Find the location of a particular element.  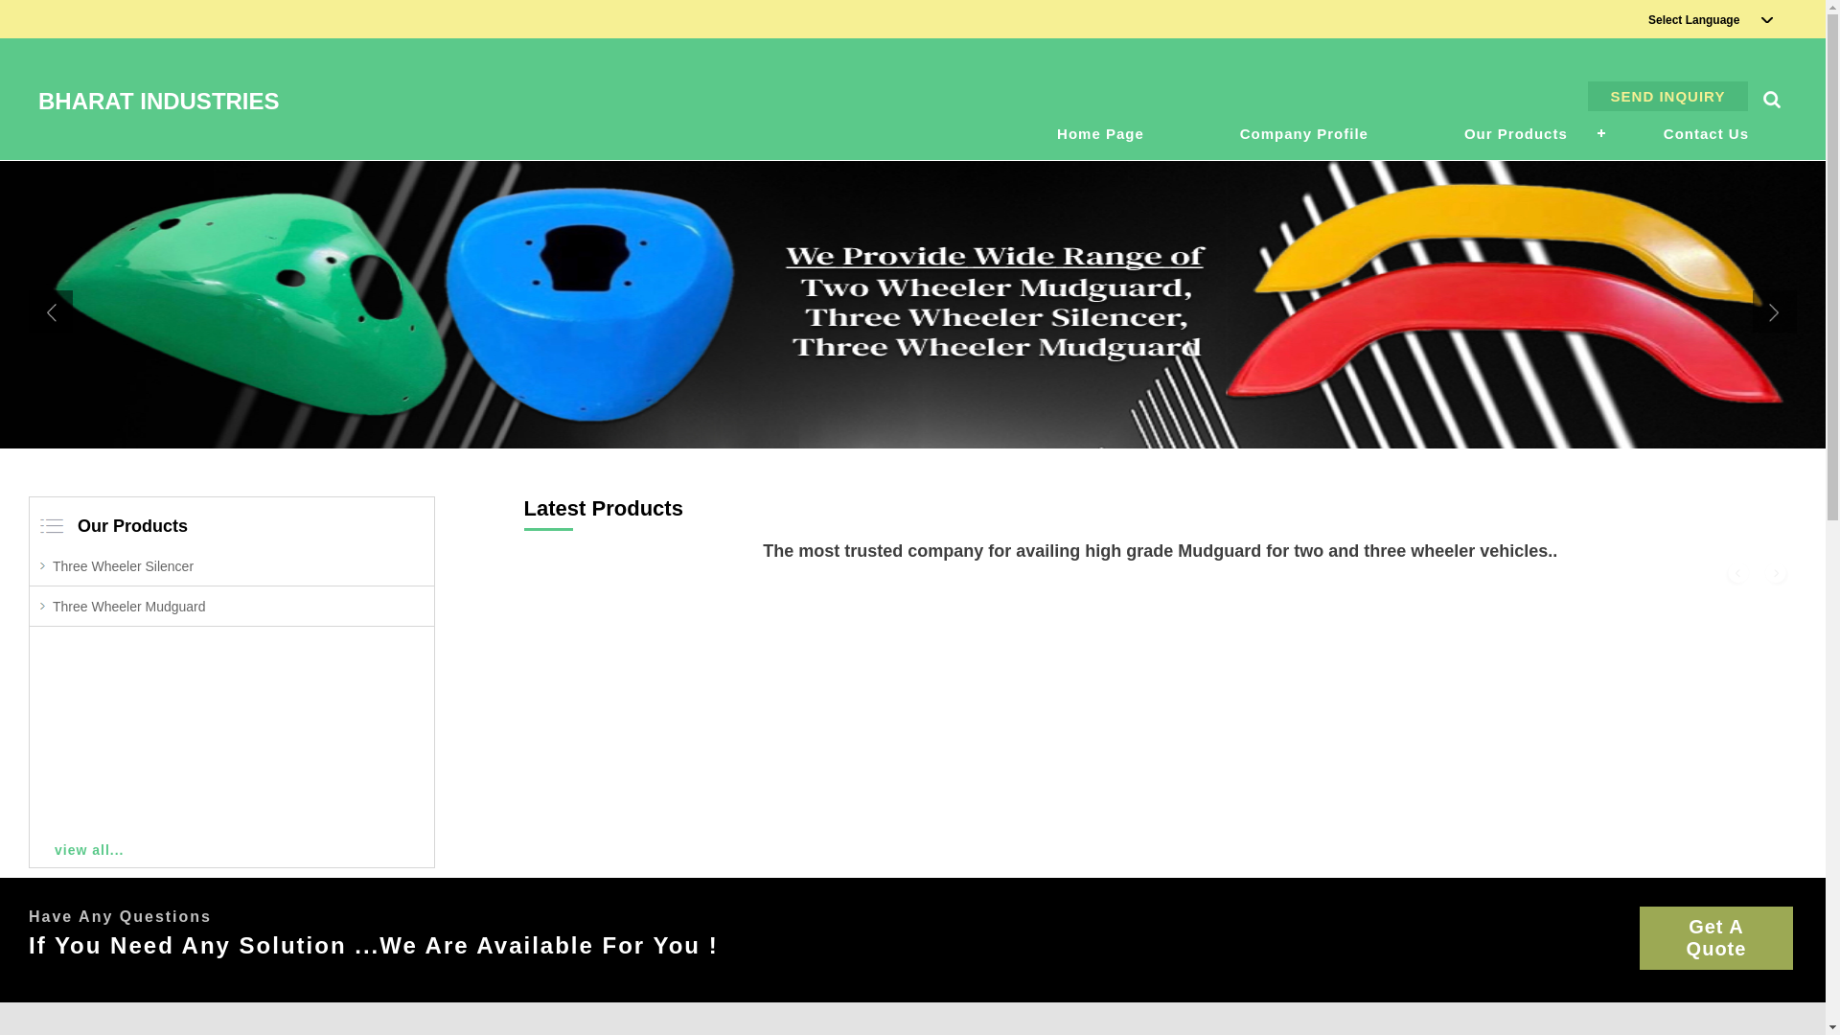

'BHARAT INDUSTRIES' is located at coordinates (159, 101).